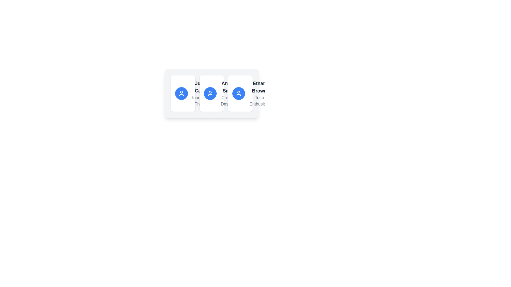 This screenshot has width=511, height=287. What do you see at coordinates (238, 93) in the screenshot?
I see `the blue circular icon at the center top of the third card in the list of horizontally aligned cards, which represents user profiles or accounts` at bounding box center [238, 93].